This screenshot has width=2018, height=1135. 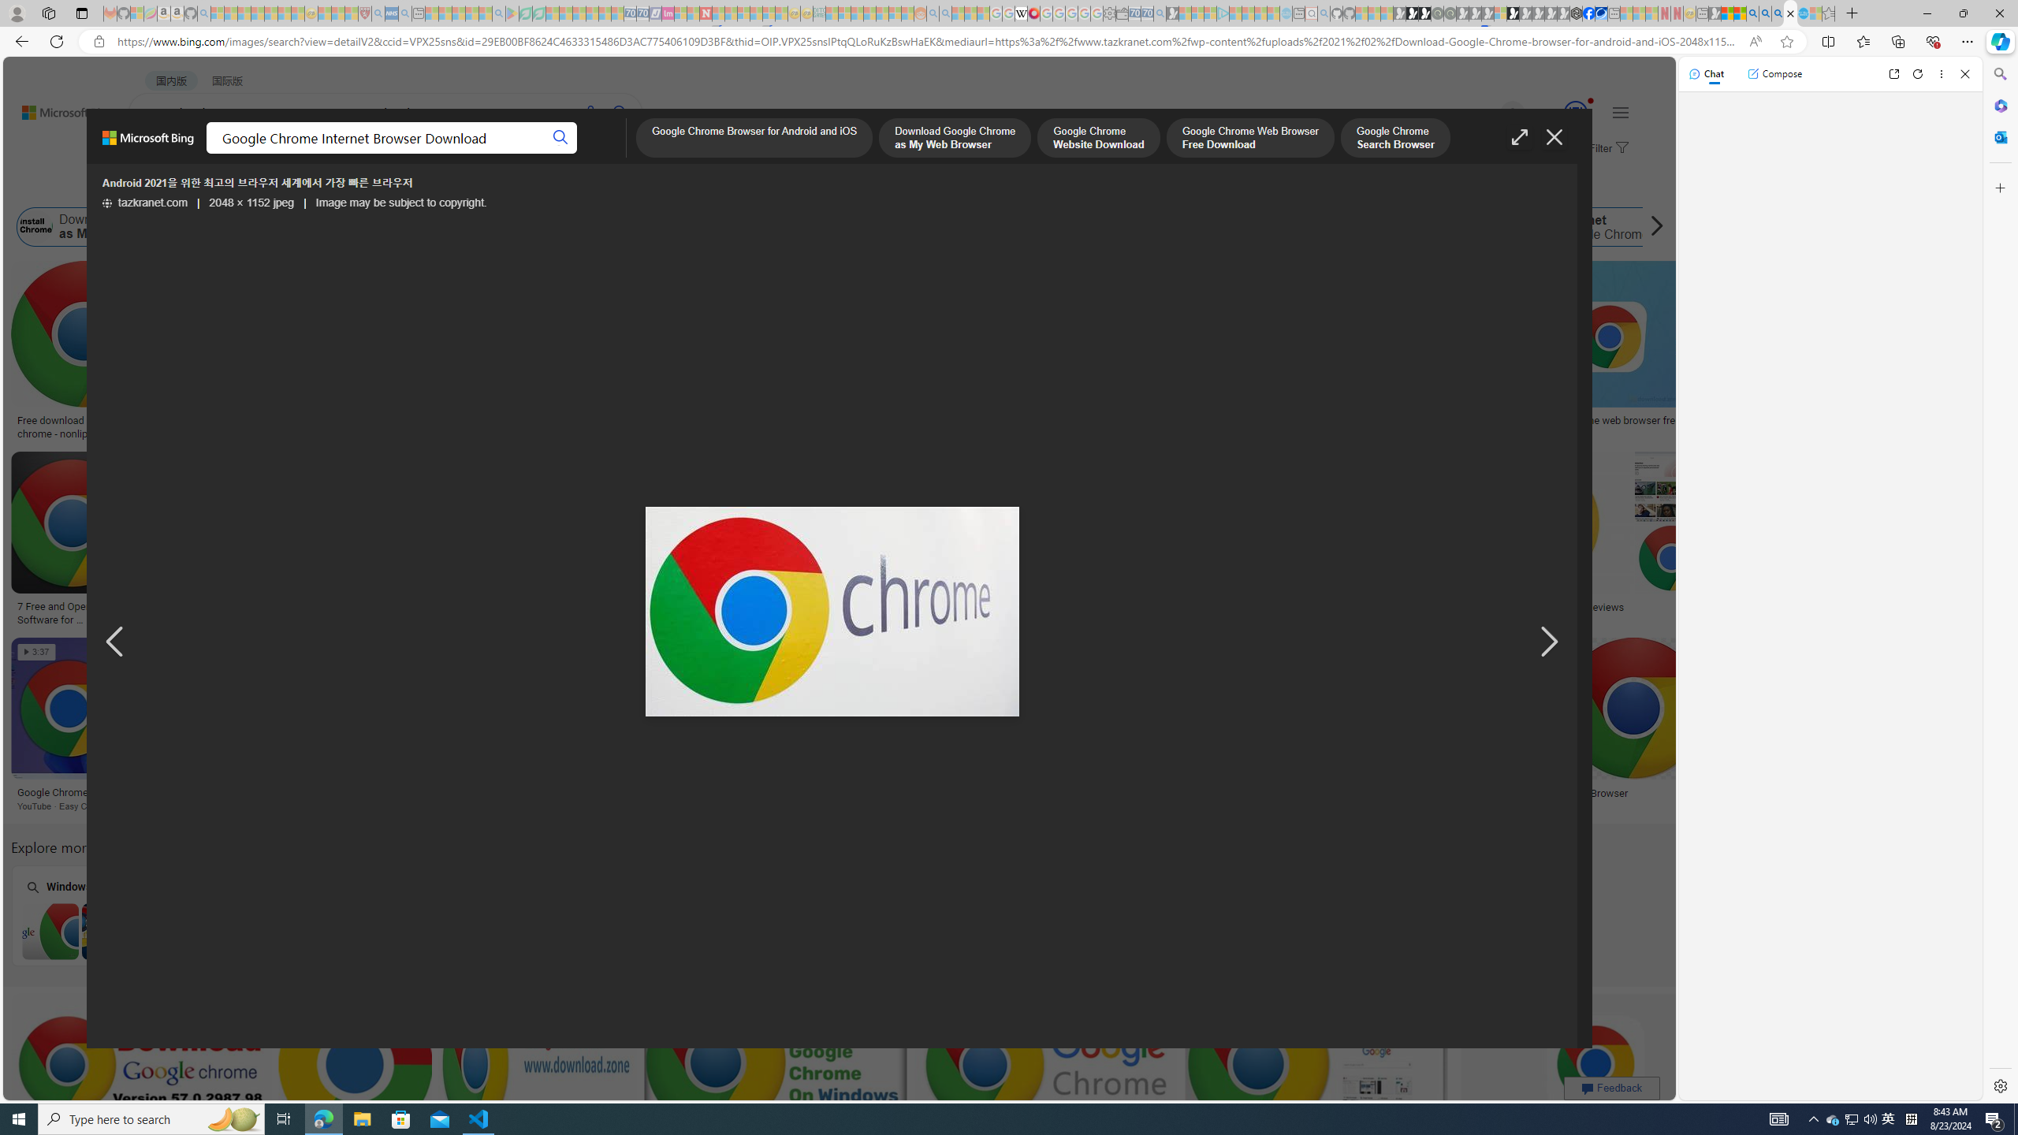 What do you see at coordinates (177, 187) in the screenshot?
I see `'Image size'` at bounding box center [177, 187].